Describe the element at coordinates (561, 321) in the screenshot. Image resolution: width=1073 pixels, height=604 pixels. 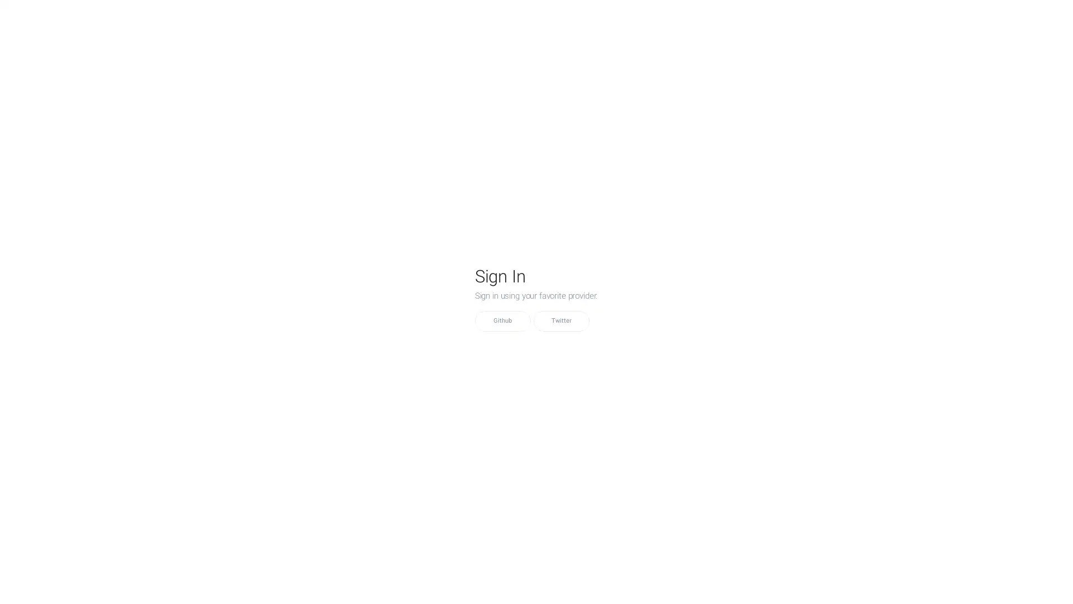
I see `Twitter` at that location.